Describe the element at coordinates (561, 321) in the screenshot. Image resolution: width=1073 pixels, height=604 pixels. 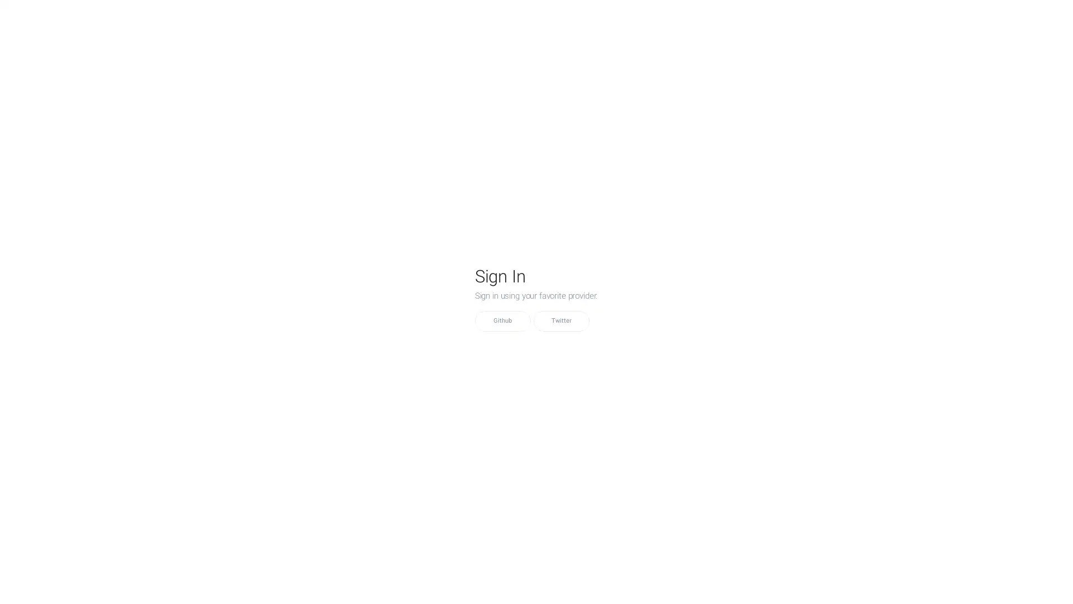
I see `Twitter` at that location.